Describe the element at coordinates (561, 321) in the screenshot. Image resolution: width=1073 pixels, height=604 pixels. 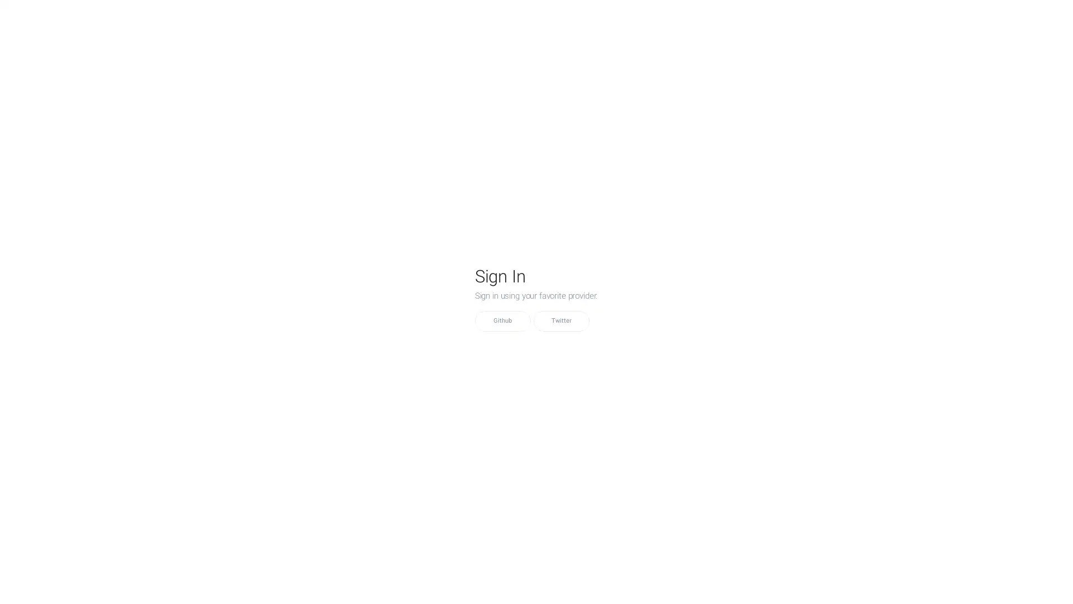
I see `Twitter` at that location.